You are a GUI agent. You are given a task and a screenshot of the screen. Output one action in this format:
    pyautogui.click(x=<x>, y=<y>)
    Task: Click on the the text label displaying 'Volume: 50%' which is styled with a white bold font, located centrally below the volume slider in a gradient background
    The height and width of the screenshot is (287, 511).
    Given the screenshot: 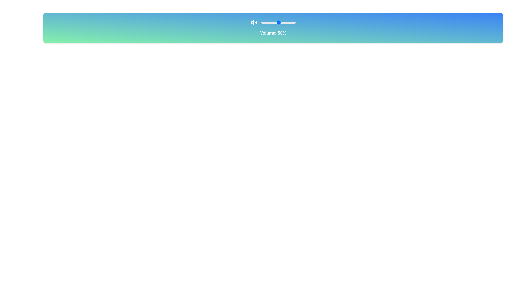 What is the action you would take?
    pyautogui.click(x=273, y=33)
    